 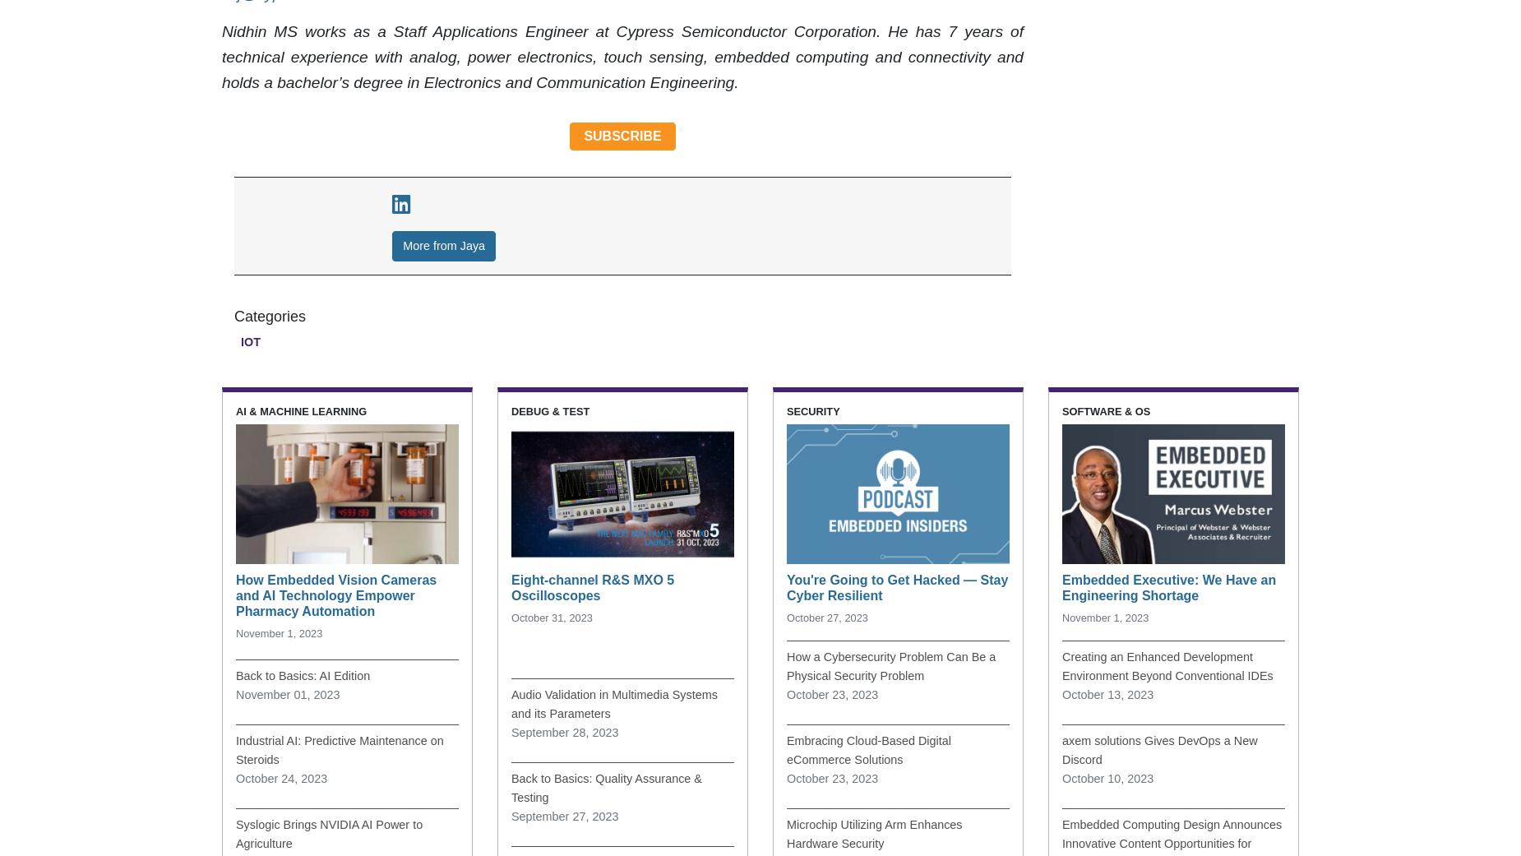 I want to click on 'Embedded Executive: We Have an Engineering Shortage', so click(x=1168, y=586).